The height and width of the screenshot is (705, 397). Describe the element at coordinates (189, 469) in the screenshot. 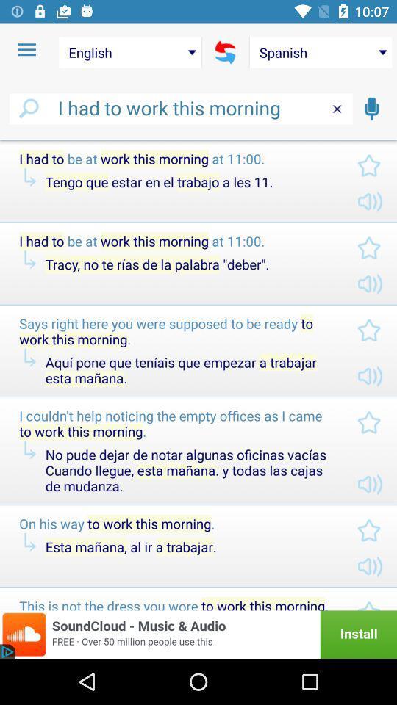

I see `the item below i couldn t icon` at that location.